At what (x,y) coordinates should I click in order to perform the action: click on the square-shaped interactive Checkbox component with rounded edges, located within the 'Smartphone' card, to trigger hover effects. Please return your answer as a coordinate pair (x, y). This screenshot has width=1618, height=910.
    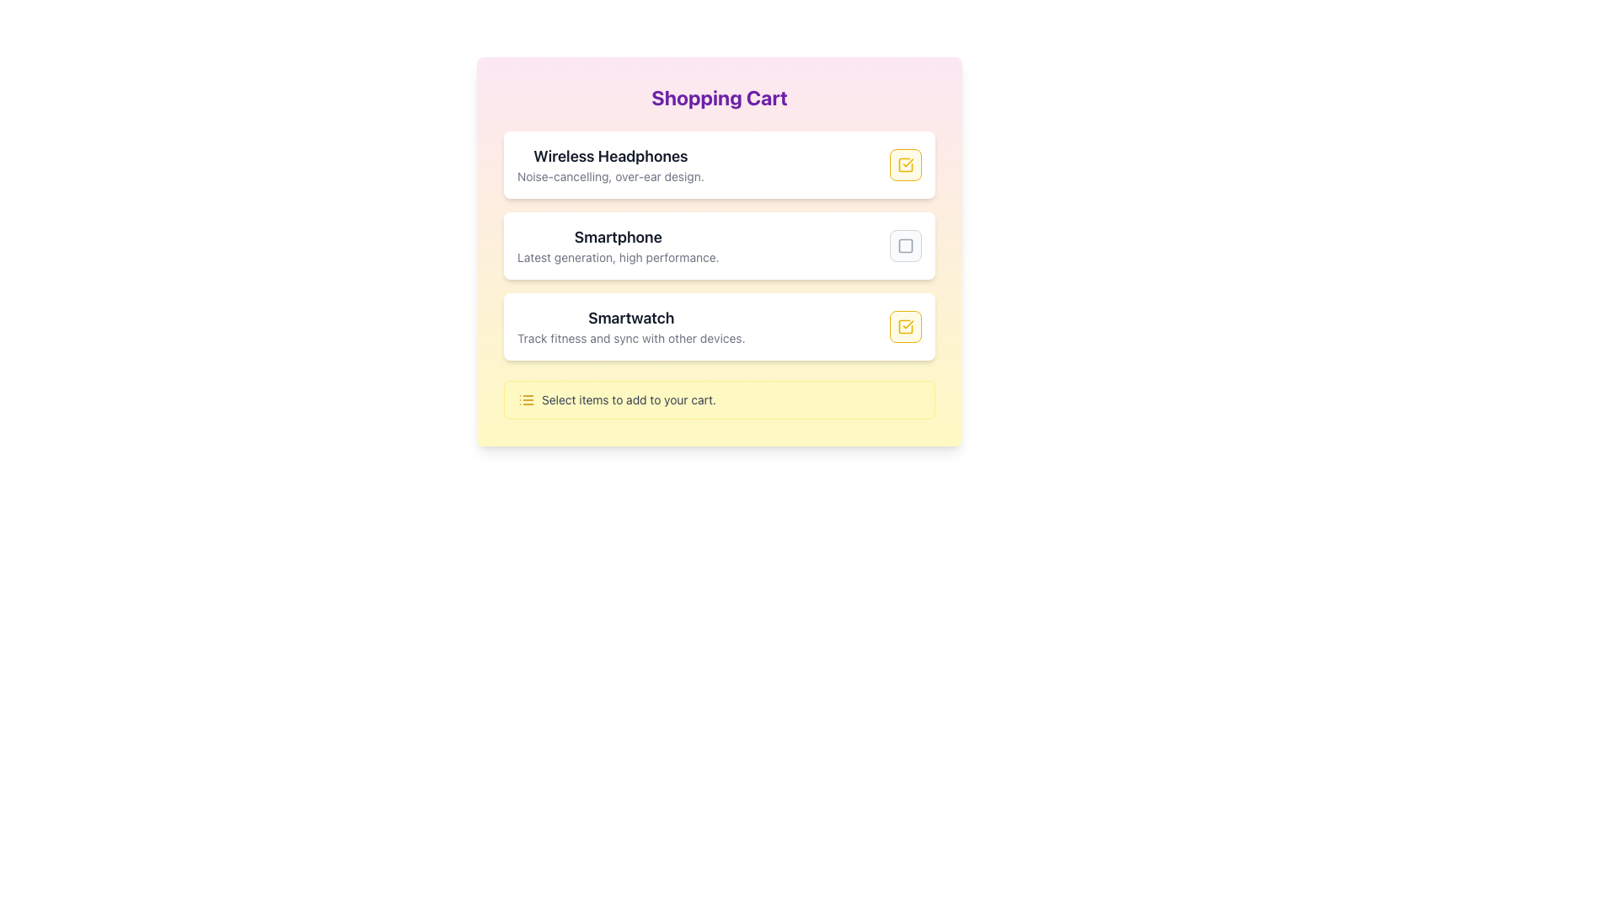
    Looking at the image, I should click on (905, 246).